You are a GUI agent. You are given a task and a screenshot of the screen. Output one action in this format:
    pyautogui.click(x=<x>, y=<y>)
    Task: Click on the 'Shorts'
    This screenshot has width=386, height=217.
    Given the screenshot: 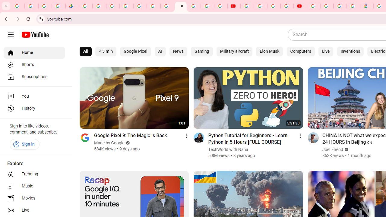 What is the action you would take?
    pyautogui.click(x=34, y=64)
    